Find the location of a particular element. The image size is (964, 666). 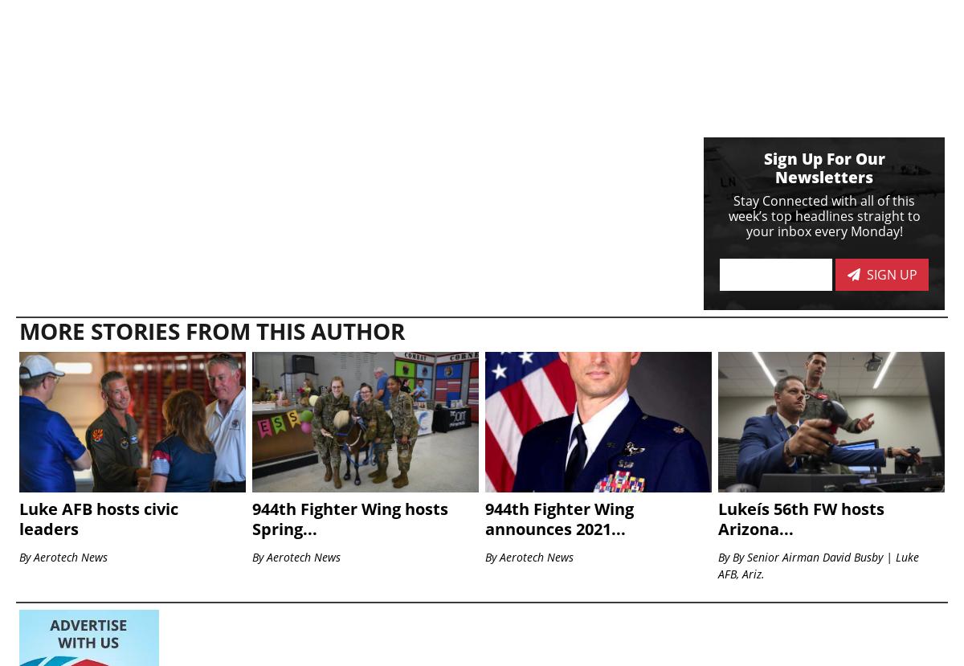

'Stay Connected with all of this week’s top headlines straight to your inbox every Monday!' is located at coordinates (823, 215).